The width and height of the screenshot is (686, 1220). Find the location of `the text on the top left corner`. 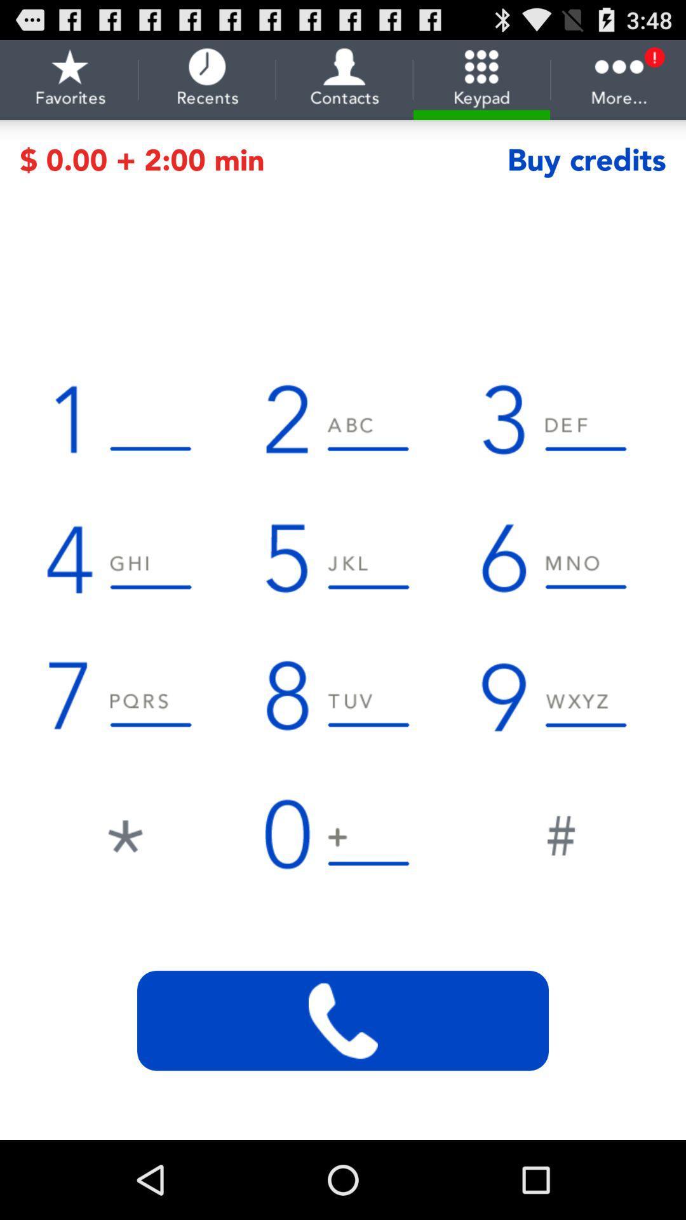

the text on the top left corner is located at coordinates (70, 79).